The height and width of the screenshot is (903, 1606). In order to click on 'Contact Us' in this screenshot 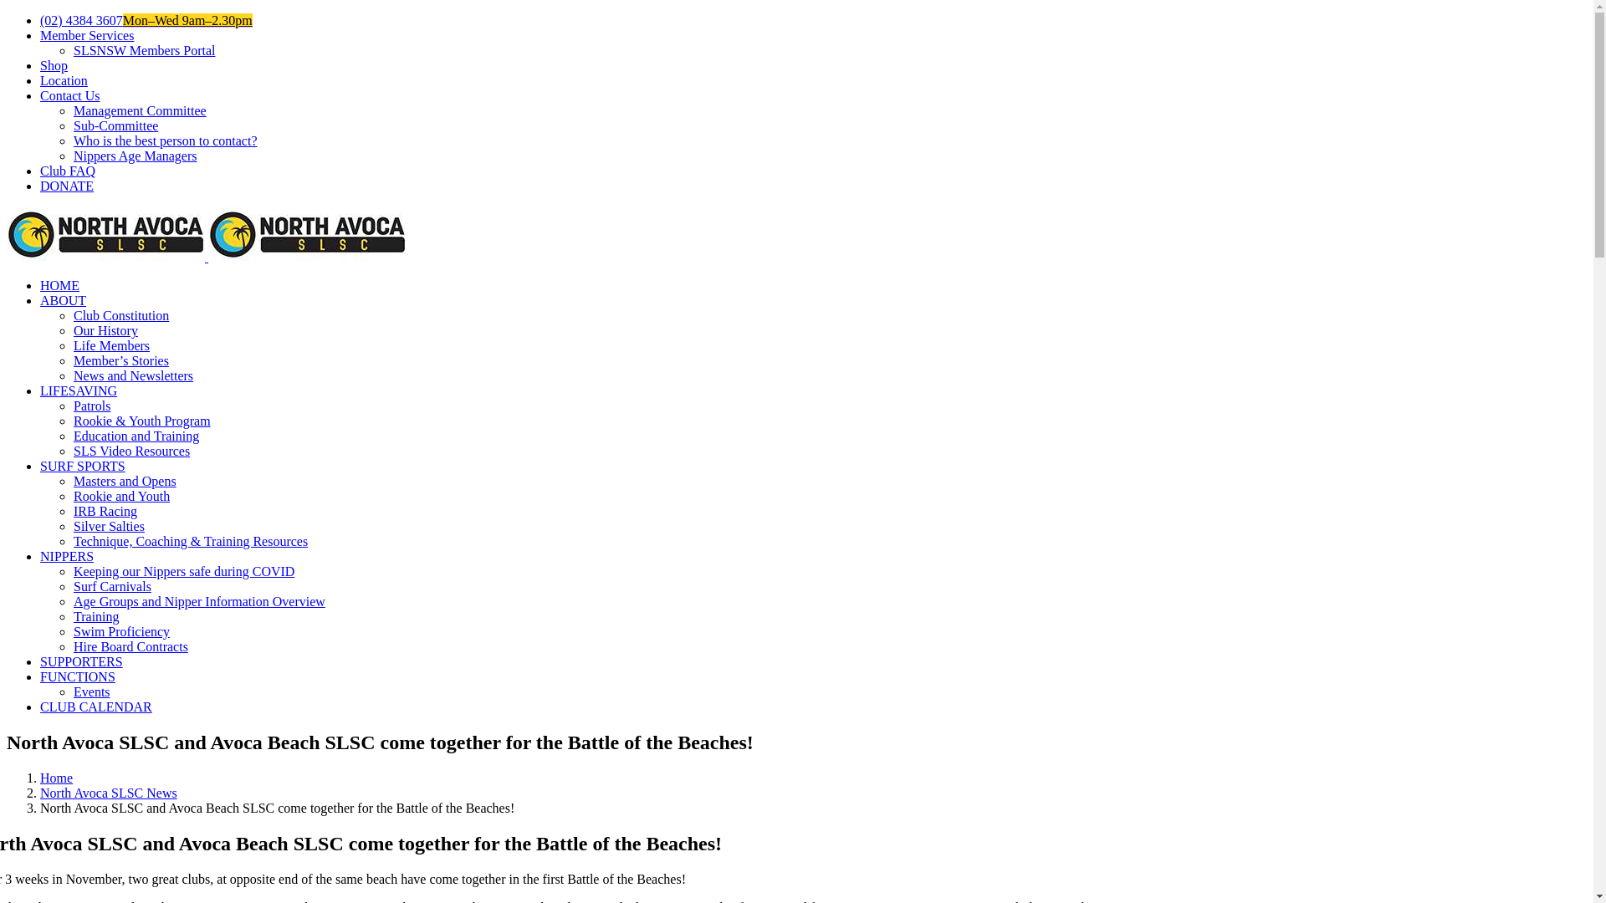, I will do `click(69, 95)`.